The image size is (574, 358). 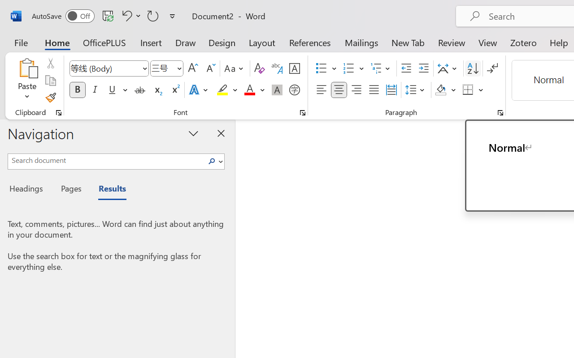 What do you see at coordinates (406, 68) in the screenshot?
I see `'Decrease Indent'` at bounding box center [406, 68].